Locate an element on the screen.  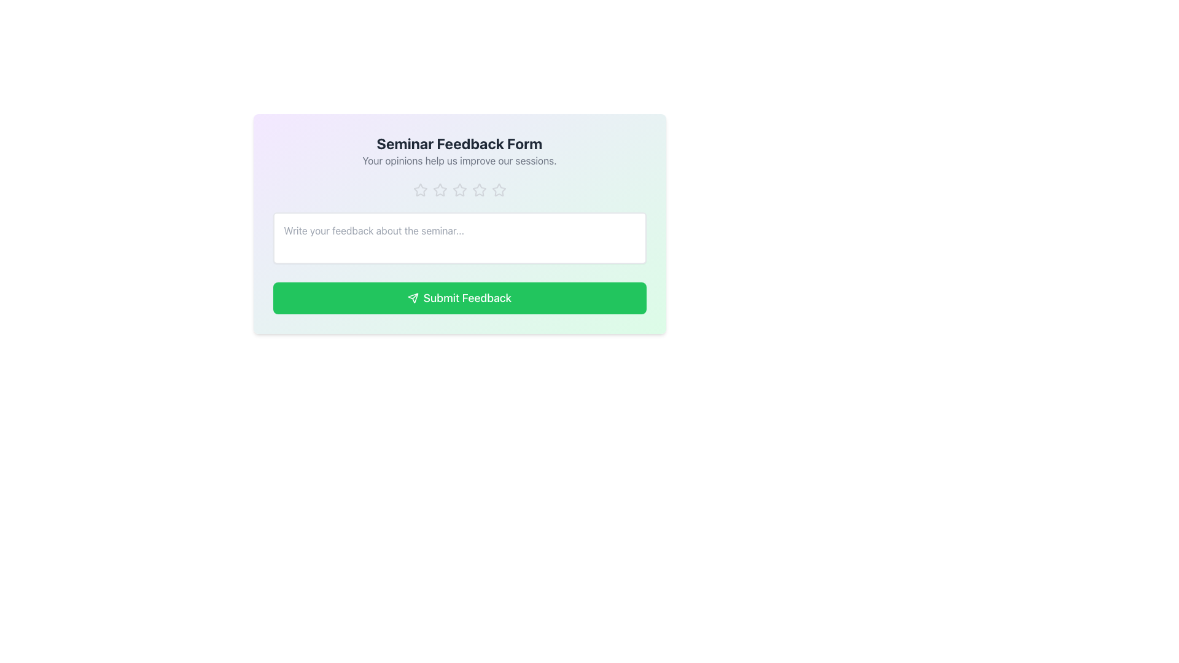
the third star icon in the five-star rating system is located at coordinates (459, 190).